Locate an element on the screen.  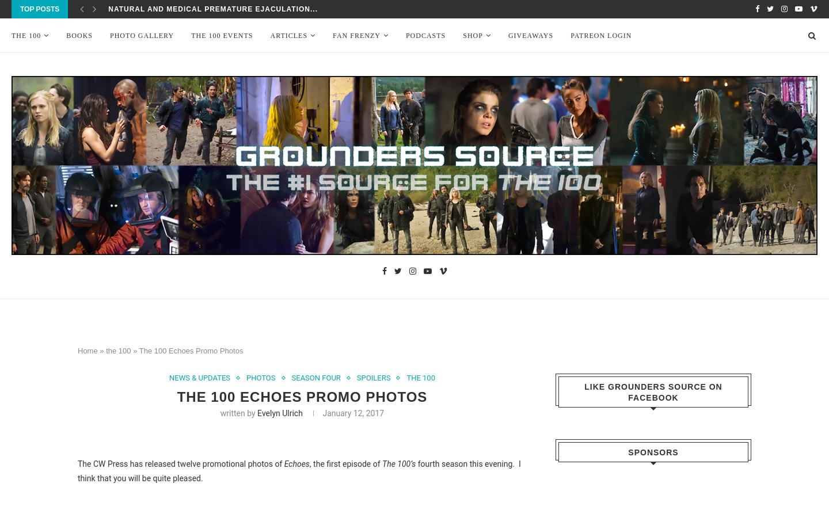
'Books' is located at coordinates (78, 36).